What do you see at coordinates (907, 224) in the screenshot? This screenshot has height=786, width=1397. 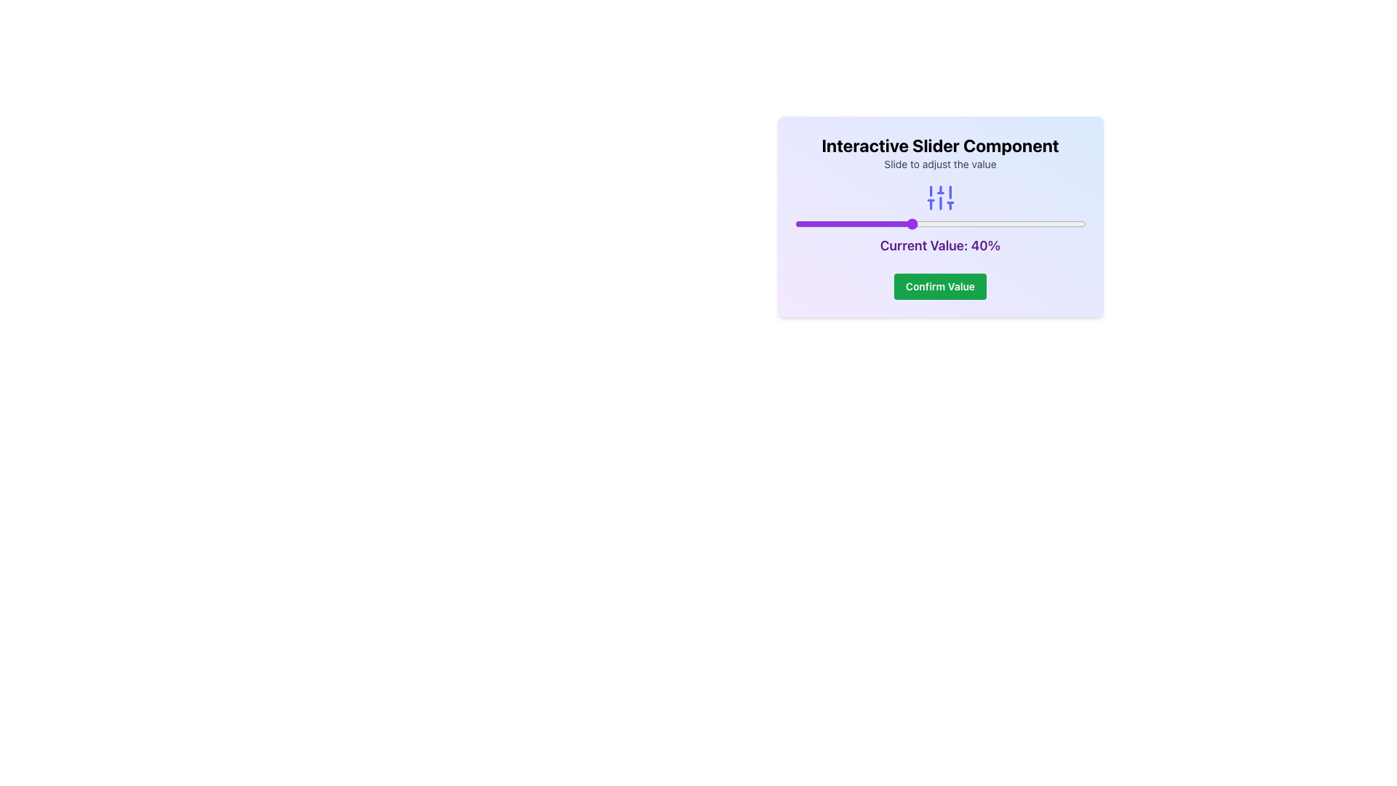 I see `the slider` at bounding box center [907, 224].